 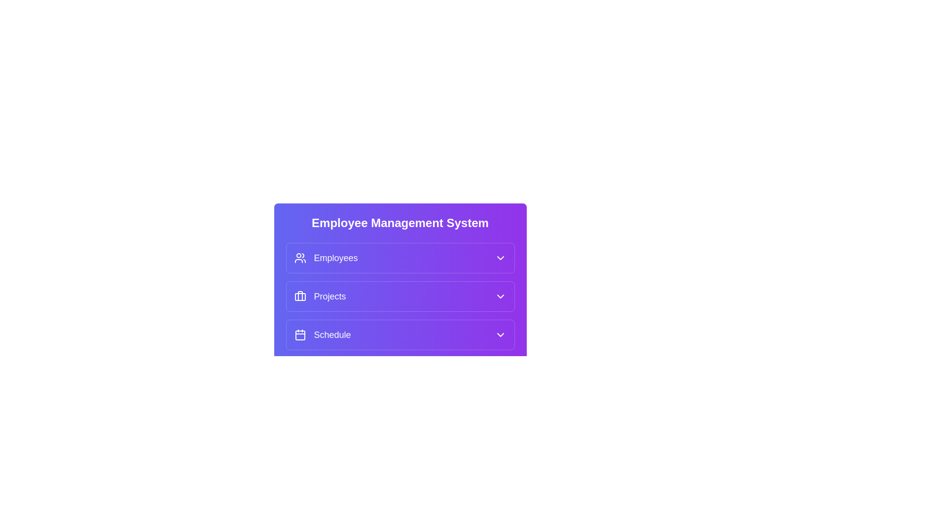 What do you see at coordinates (400, 334) in the screenshot?
I see `the 'Schedule' button with a purple gradient background, which is the third item in the vertical list of menu options, to observe any hover effects` at bounding box center [400, 334].